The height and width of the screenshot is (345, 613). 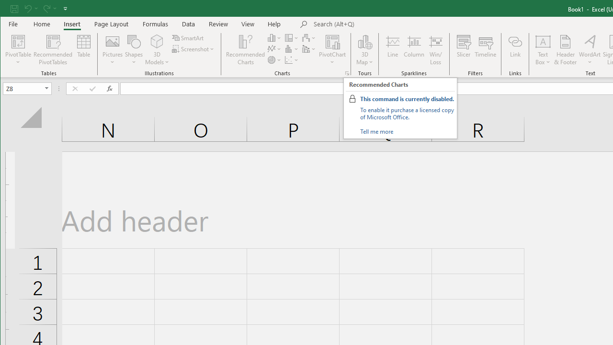 What do you see at coordinates (486, 50) in the screenshot?
I see `'Timeline'` at bounding box center [486, 50].